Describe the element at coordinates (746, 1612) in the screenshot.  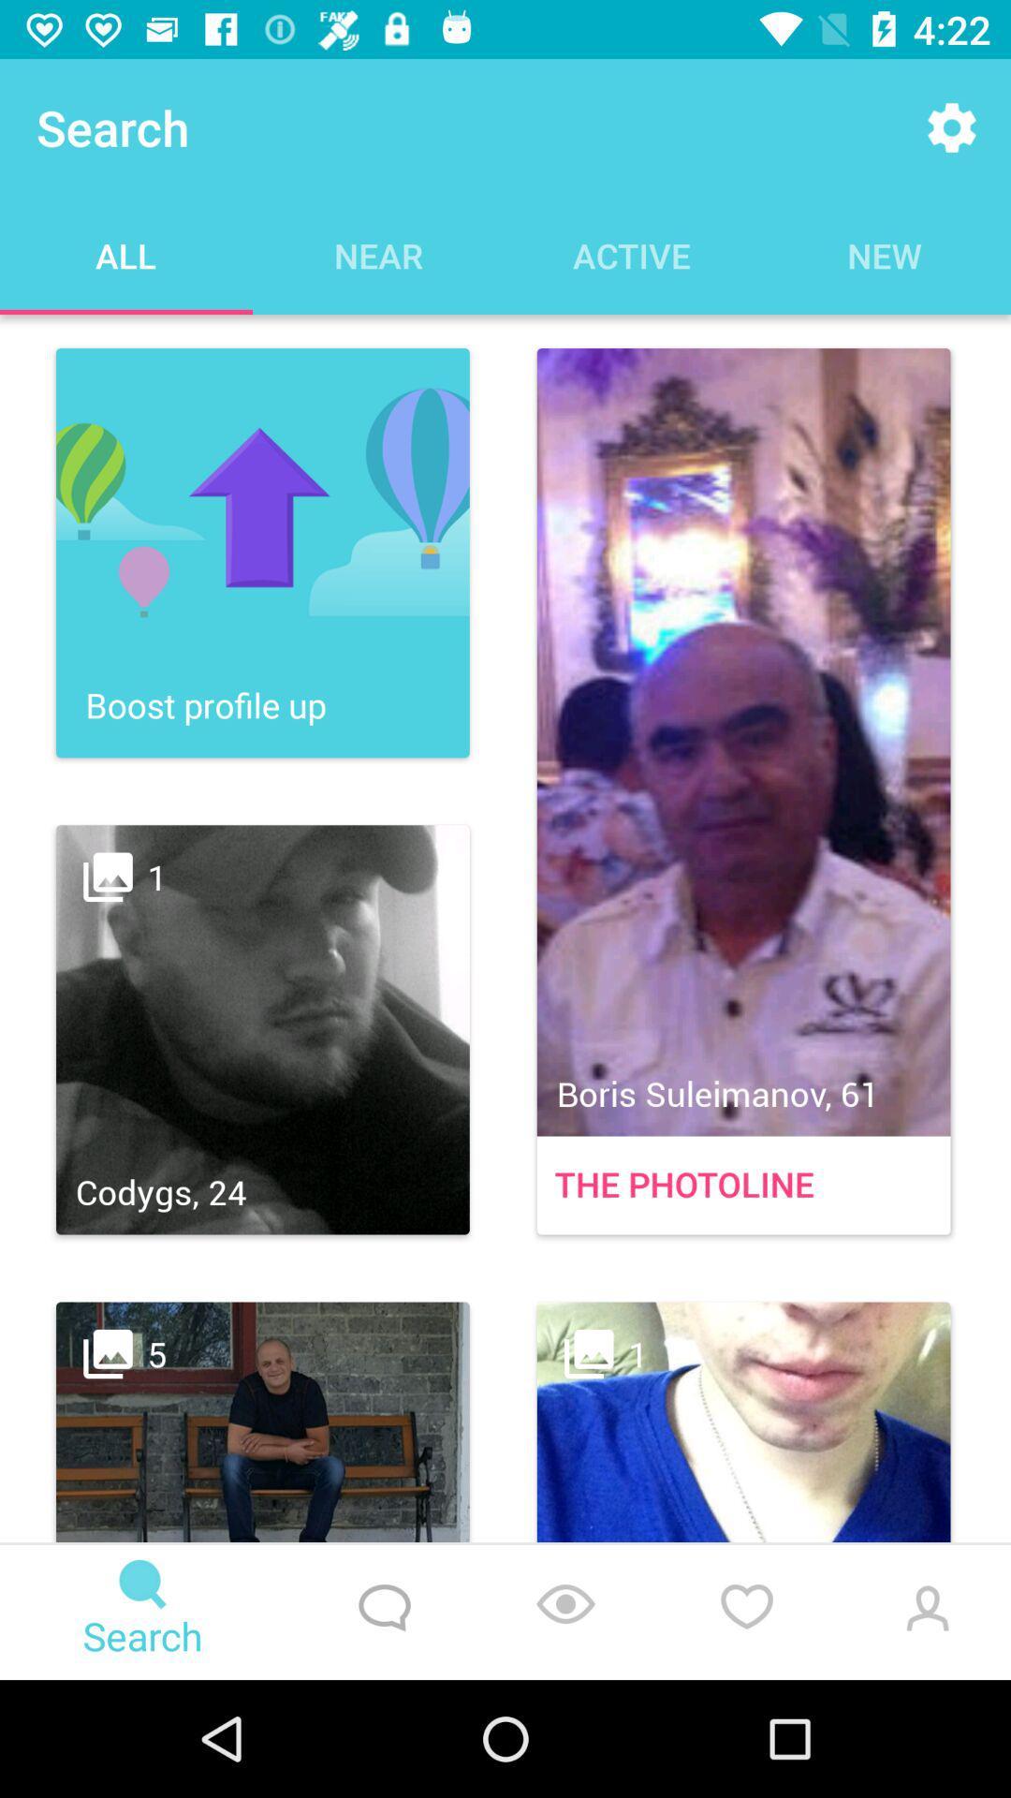
I see `the favorite icon` at that location.